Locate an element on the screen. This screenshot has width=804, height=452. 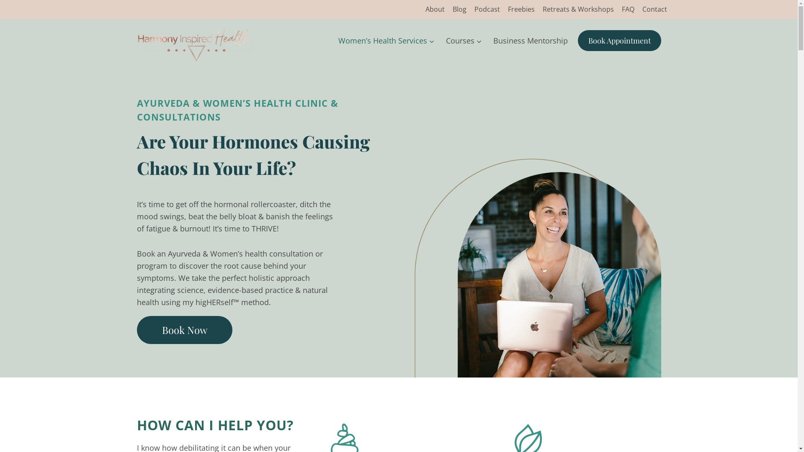
'About' is located at coordinates (435, 9).